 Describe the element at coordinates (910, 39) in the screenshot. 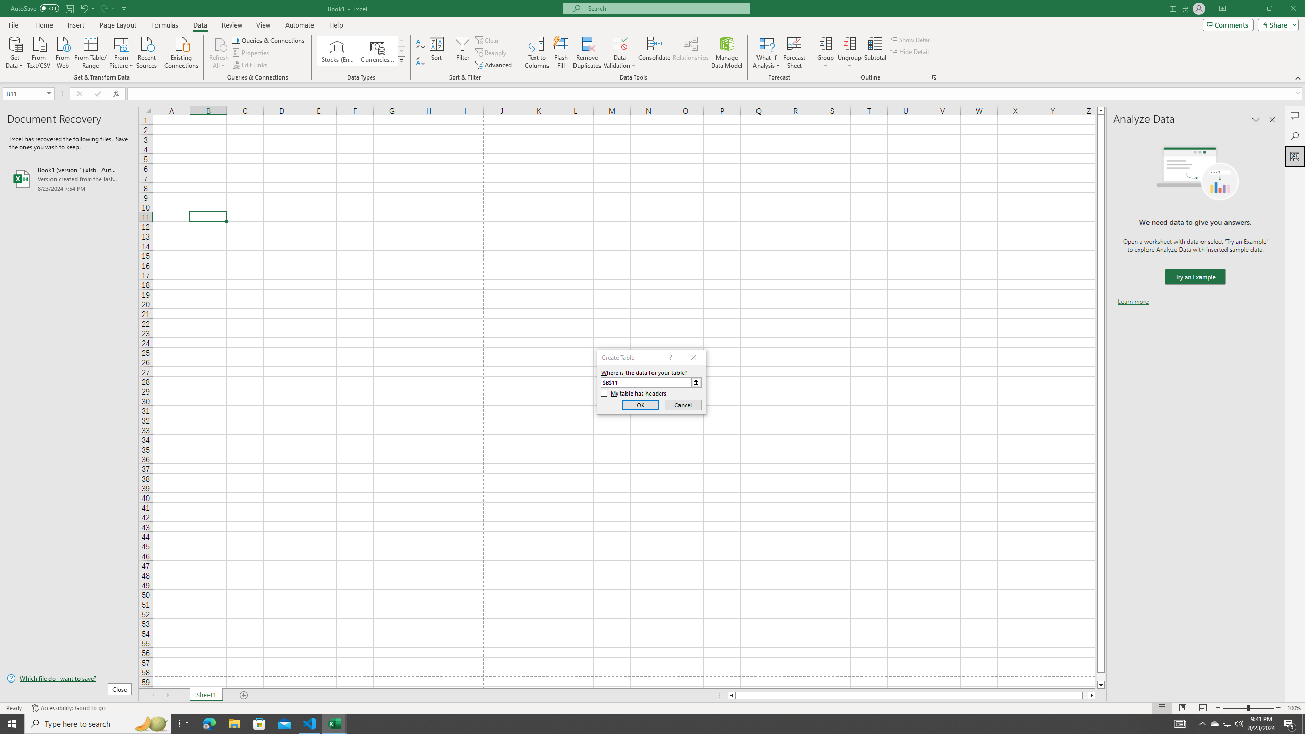

I see `'Show Detail'` at that location.